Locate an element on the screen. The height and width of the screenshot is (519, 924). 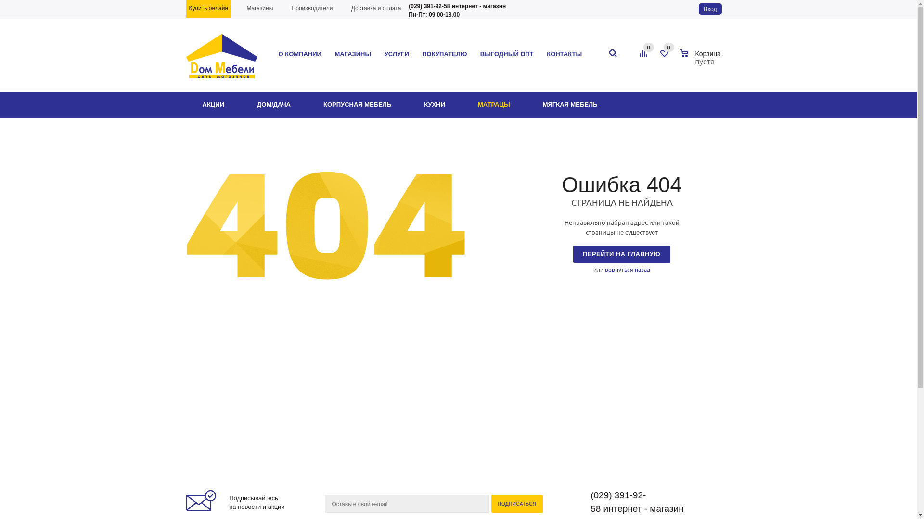
':-(' is located at coordinates (325, 226).